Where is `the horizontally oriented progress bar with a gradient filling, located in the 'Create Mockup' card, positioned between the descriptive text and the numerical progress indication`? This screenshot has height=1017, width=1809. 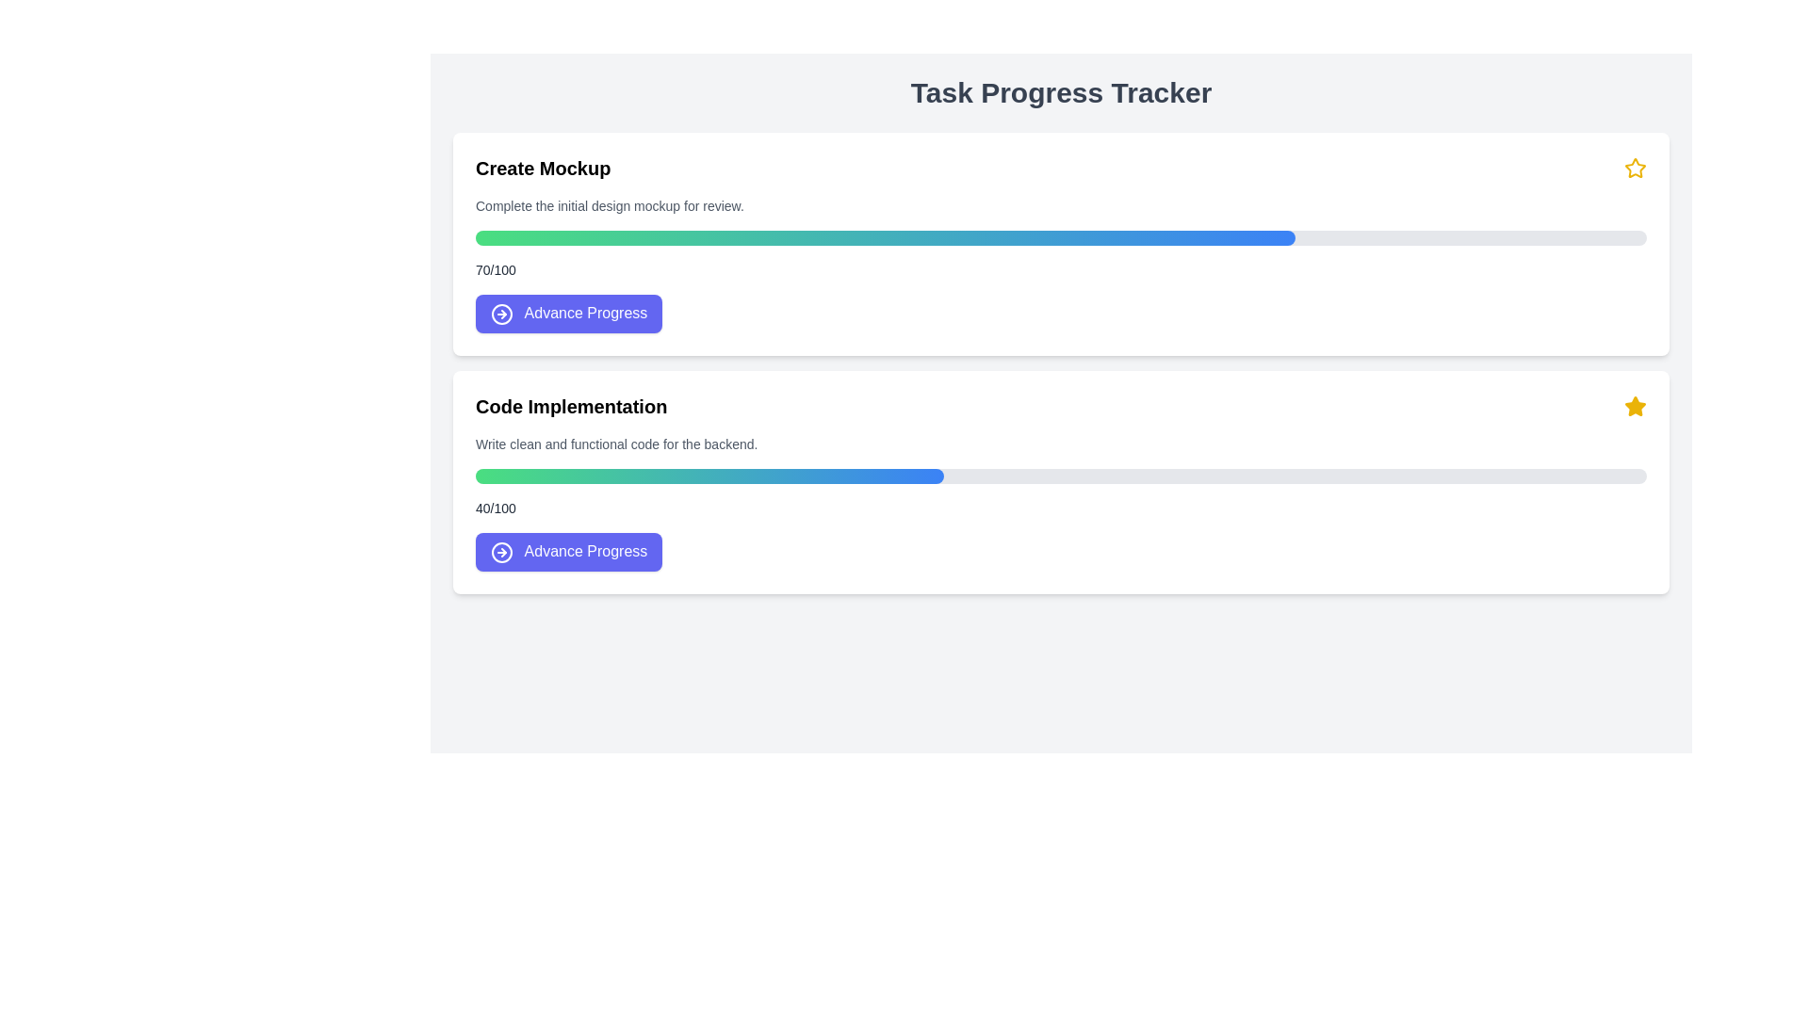 the horizontally oriented progress bar with a gradient filling, located in the 'Create Mockup' card, positioned between the descriptive text and the numerical progress indication is located at coordinates (1061, 237).